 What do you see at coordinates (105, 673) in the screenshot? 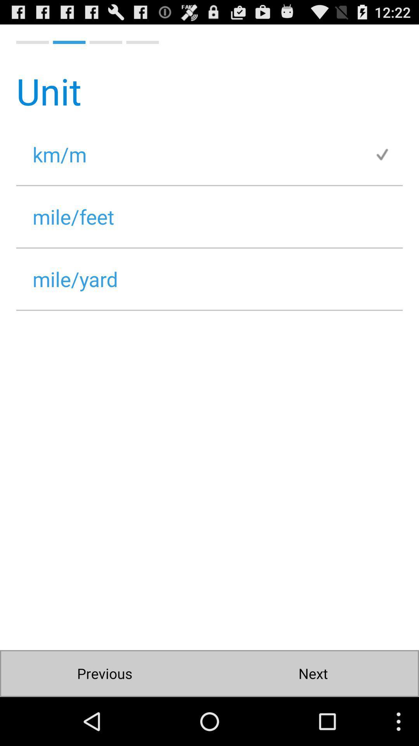
I see `item below the mile/yard item` at bounding box center [105, 673].